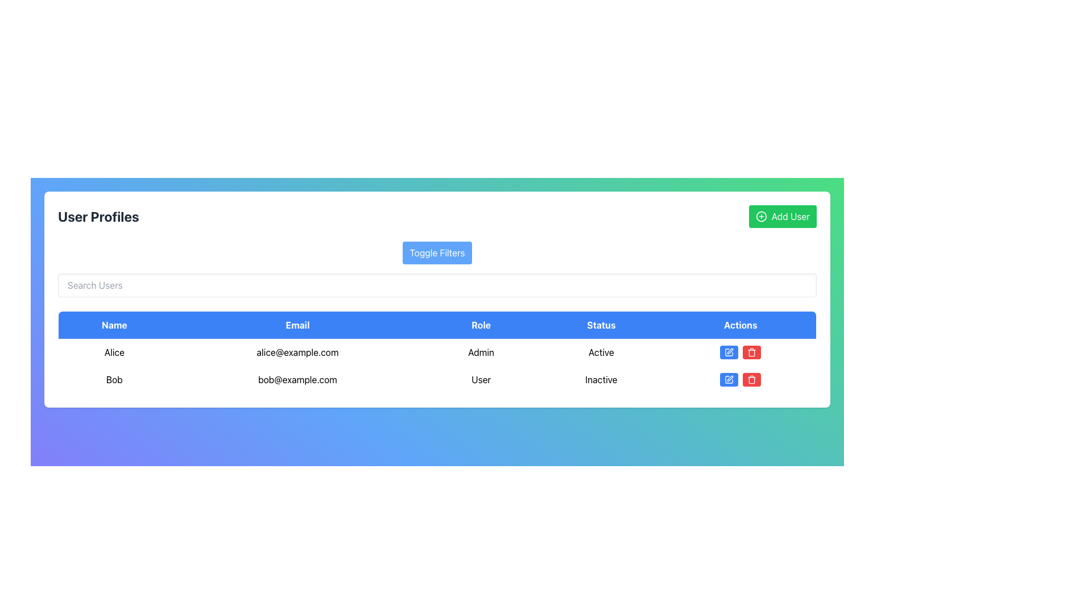 The width and height of the screenshot is (1092, 614). Describe the element at coordinates (114, 380) in the screenshot. I see `the text label displaying 'Bob' in the 'Name' column of the user table, located in the second row above the email 'bob@example.com'` at that location.